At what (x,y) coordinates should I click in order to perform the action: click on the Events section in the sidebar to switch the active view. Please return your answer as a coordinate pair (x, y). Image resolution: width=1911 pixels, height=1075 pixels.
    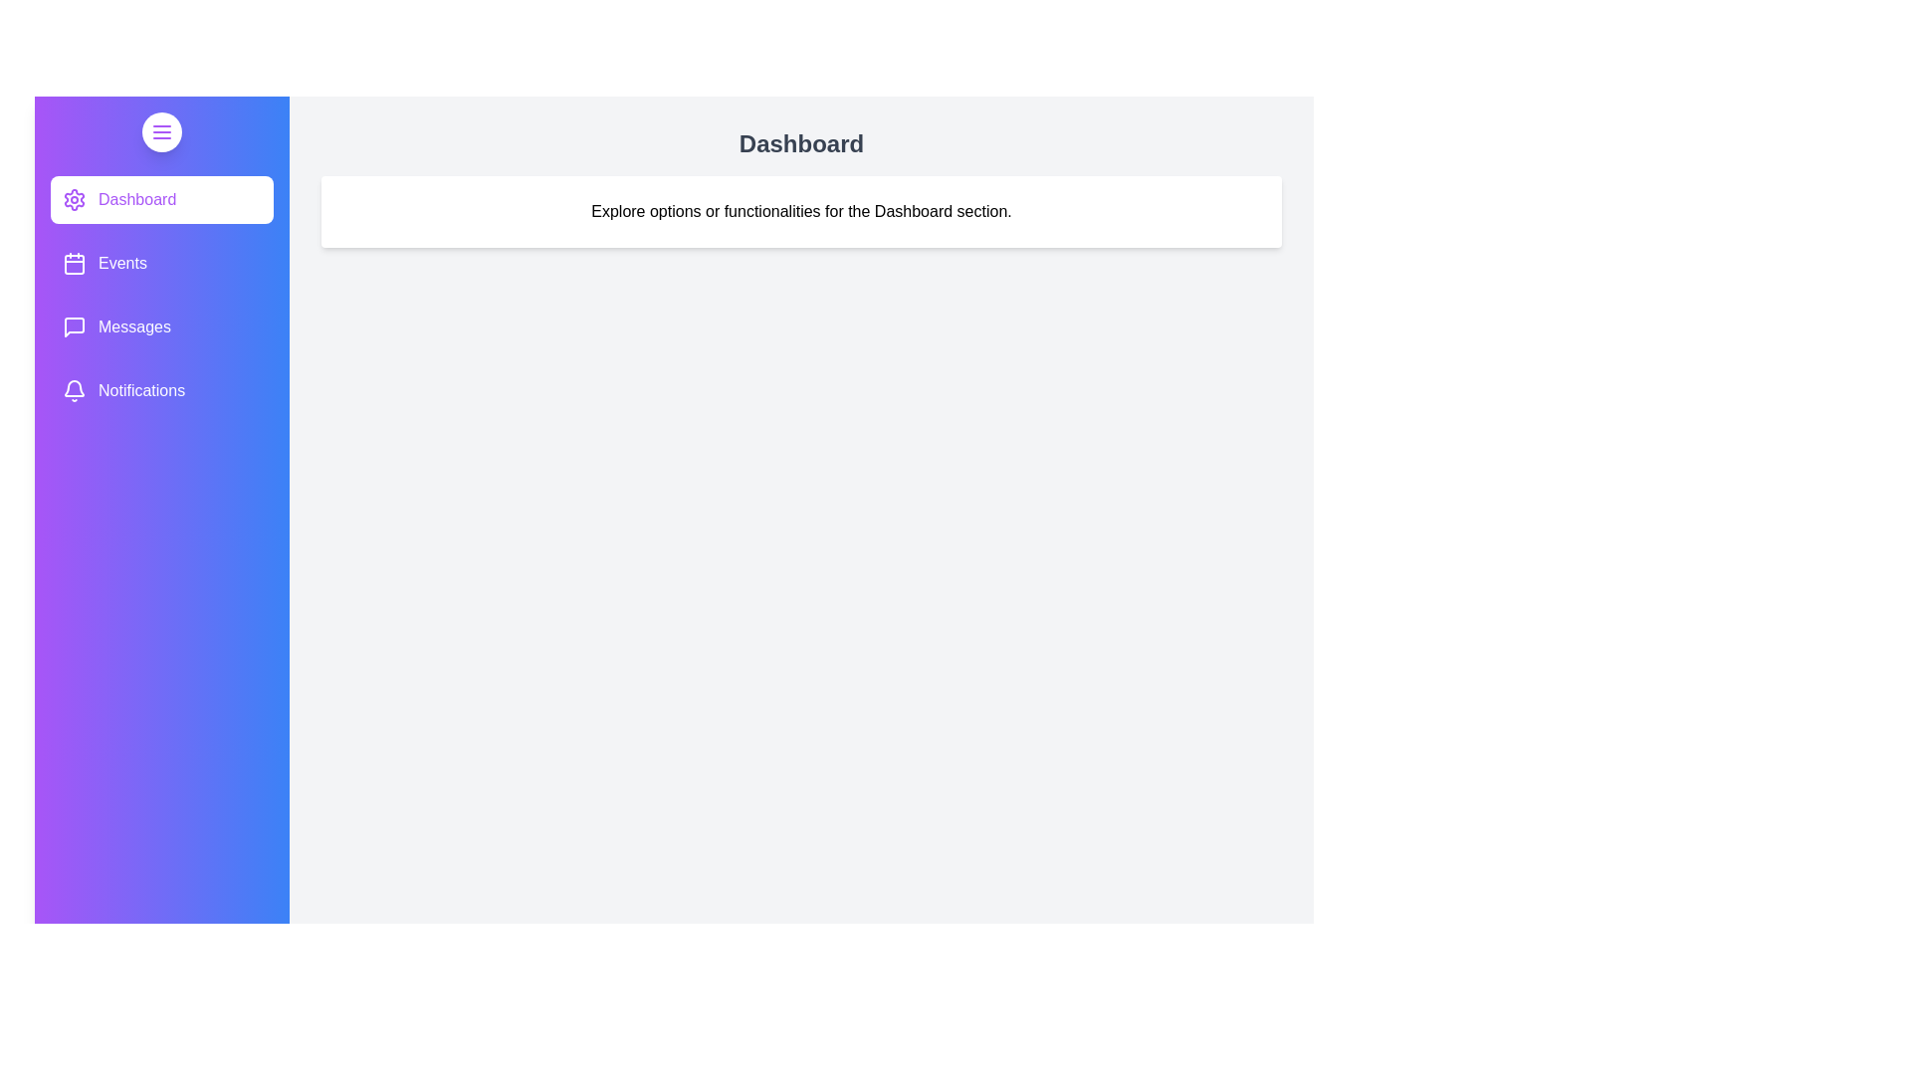
    Looking at the image, I should click on (162, 263).